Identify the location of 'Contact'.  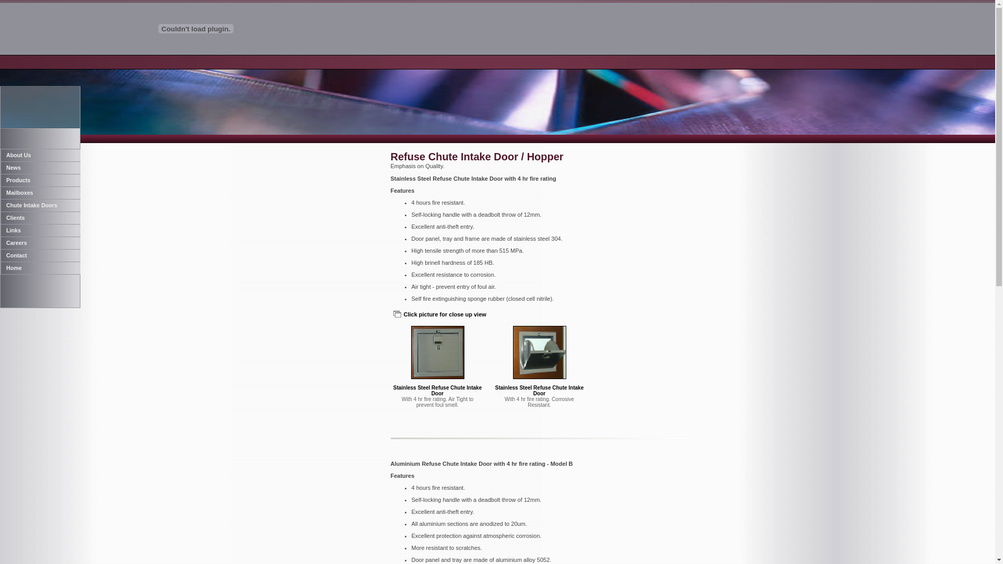
(40, 255).